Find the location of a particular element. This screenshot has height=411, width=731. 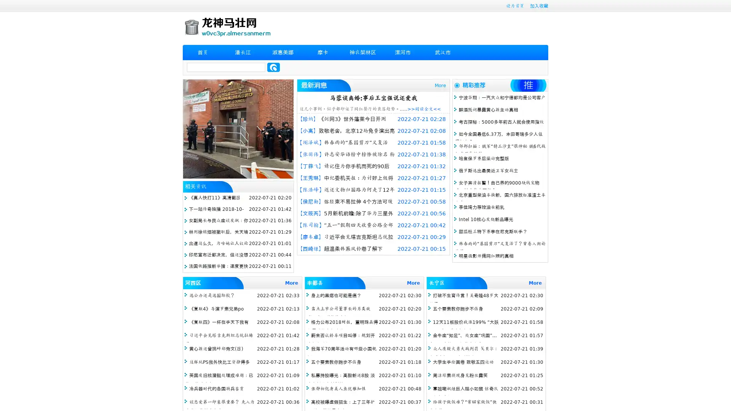

Search is located at coordinates (273, 67).